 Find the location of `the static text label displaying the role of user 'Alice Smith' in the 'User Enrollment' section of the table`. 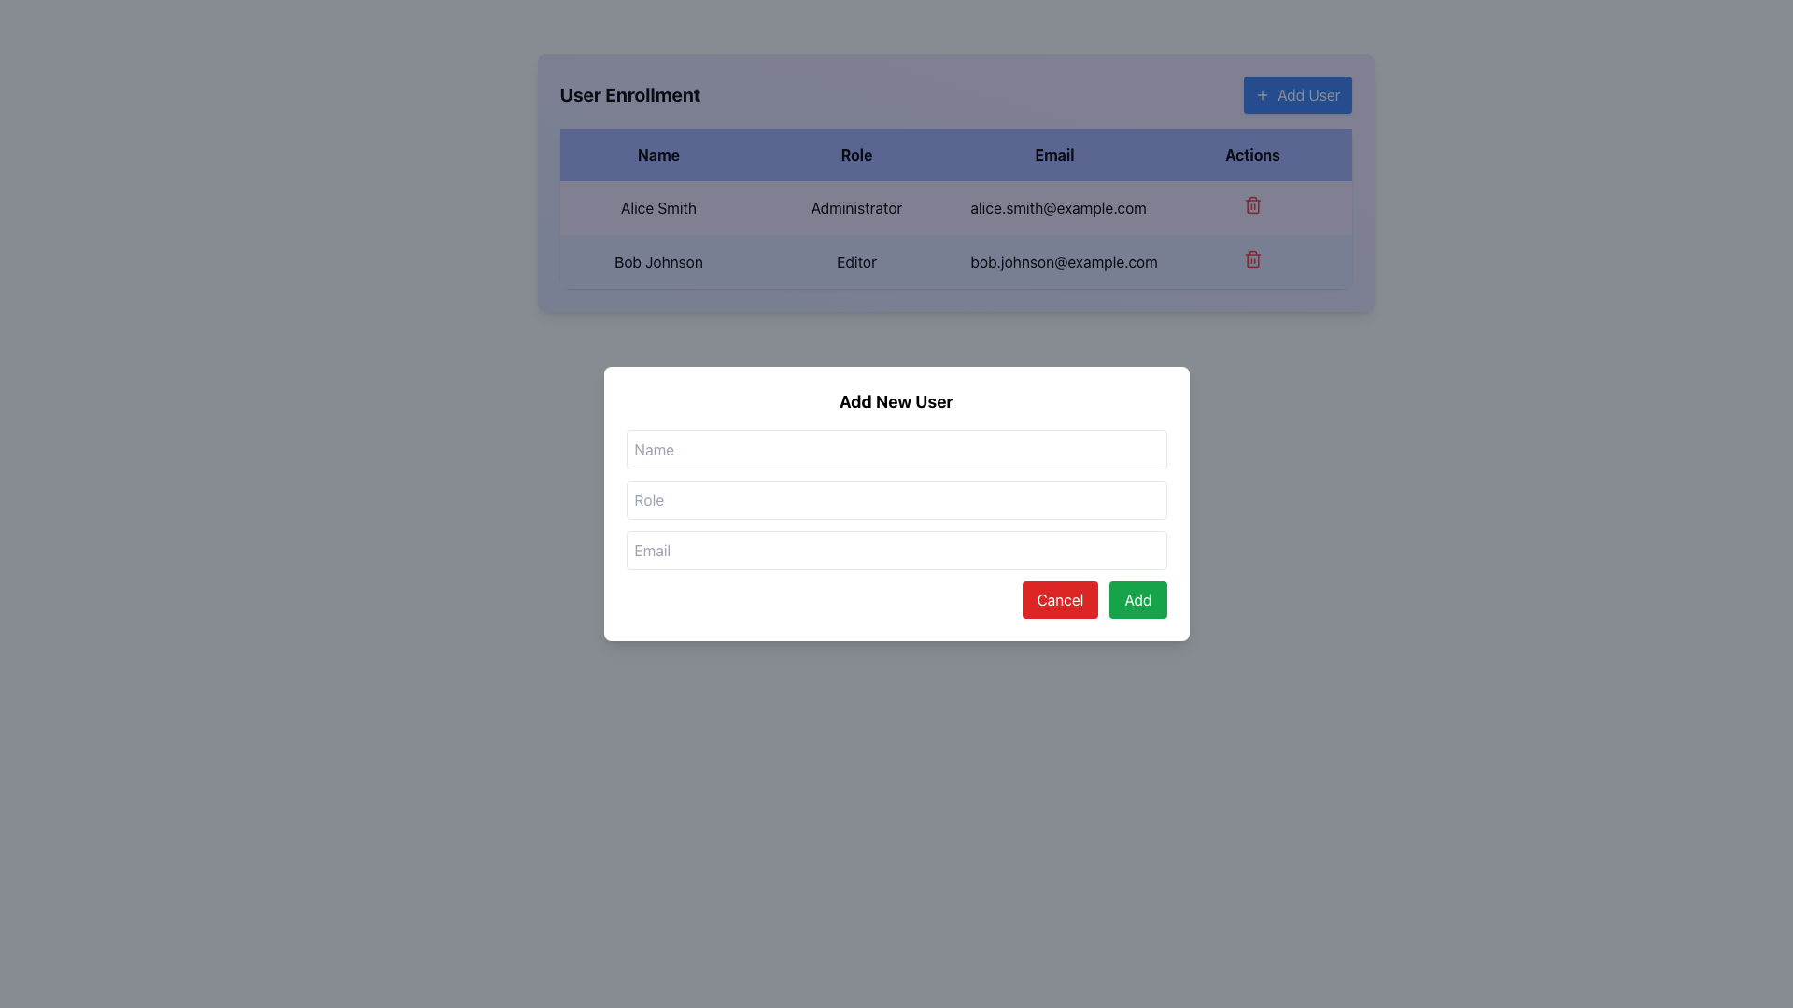

the static text label displaying the role of user 'Alice Smith' in the 'User Enrollment' section of the table is located at coordinates (855, 208).